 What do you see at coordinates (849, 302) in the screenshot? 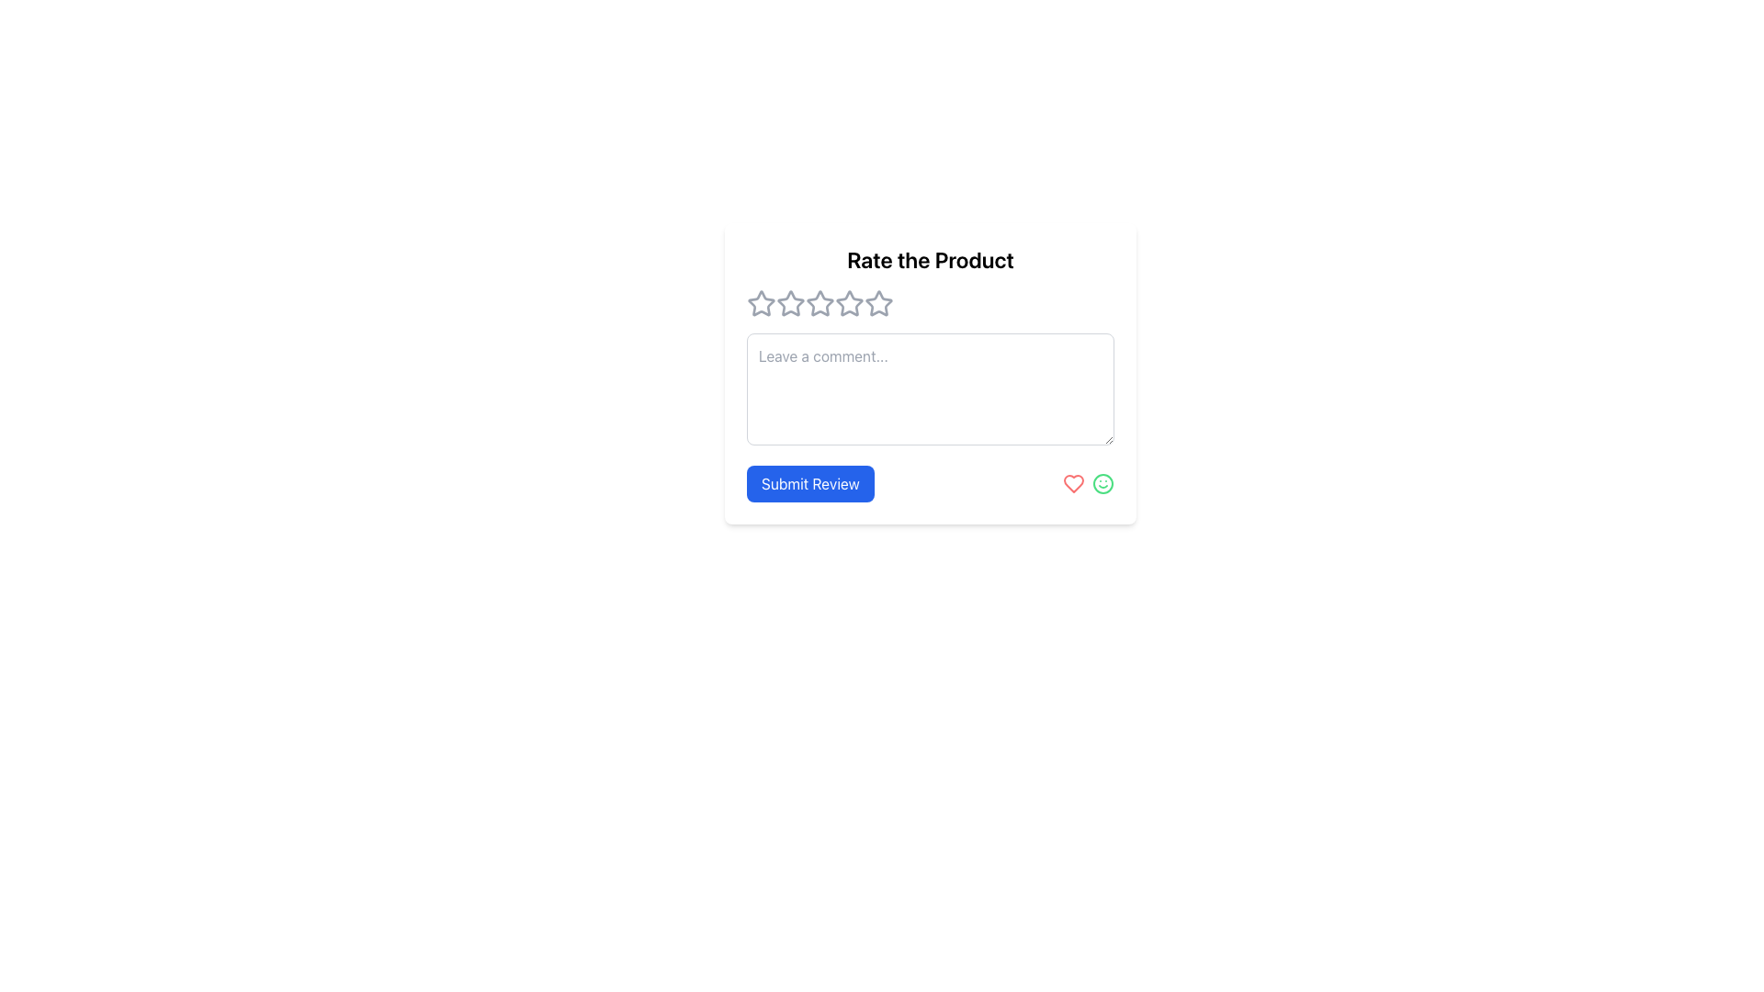
I see `the second star icon in the rating row, which is outlined in gray and indicates its active state` at bounding box center [849, 302].